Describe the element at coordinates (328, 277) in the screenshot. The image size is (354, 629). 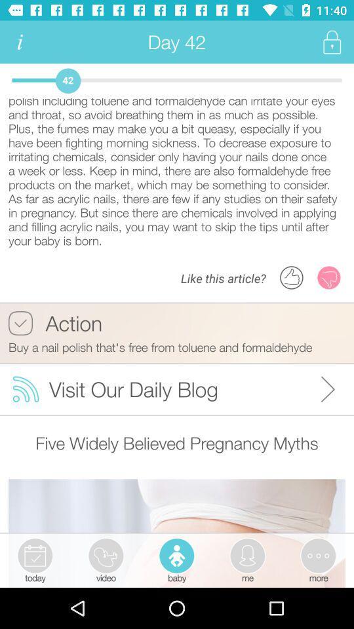
I see `dislike this article` at that location.